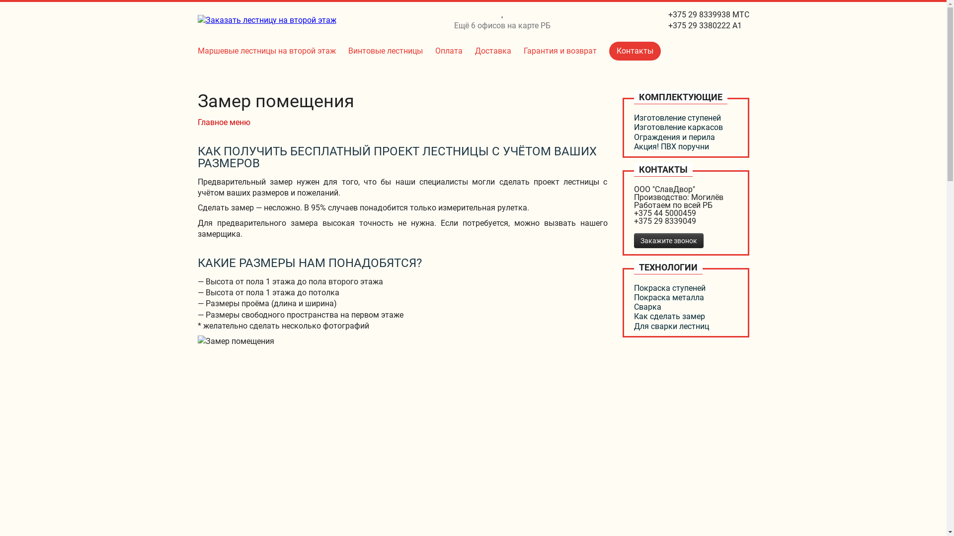 Image resolution: width=954 pixels, height=536 pixels. I want to click on '+375 29 8339938', so click(668, 14).